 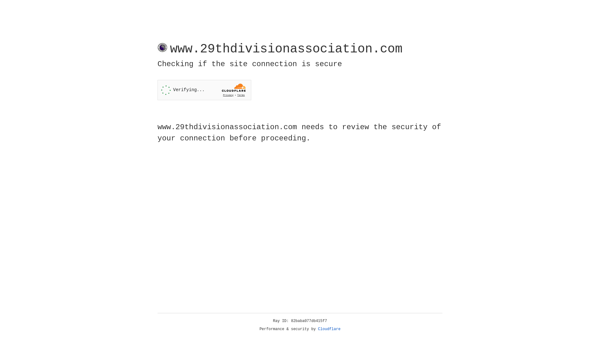 What do you see at coordinates (329, 329) in the screenshot?
I see `'Cloudflare'` at bounding box center [329, 329].